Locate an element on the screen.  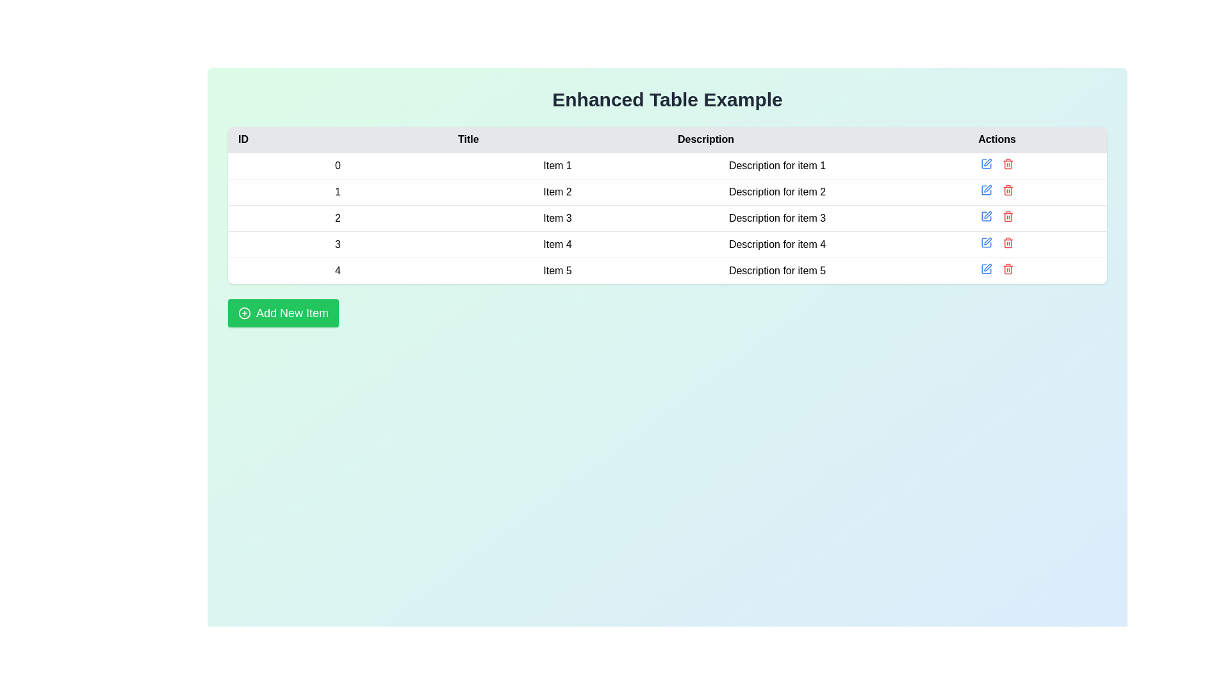
the static text field displaying 'Description for item 1' located in the third column of the table, which is styled with 'px-4 py-2' padding and is center-aligned within its cell is located at coordinates (776, 165).